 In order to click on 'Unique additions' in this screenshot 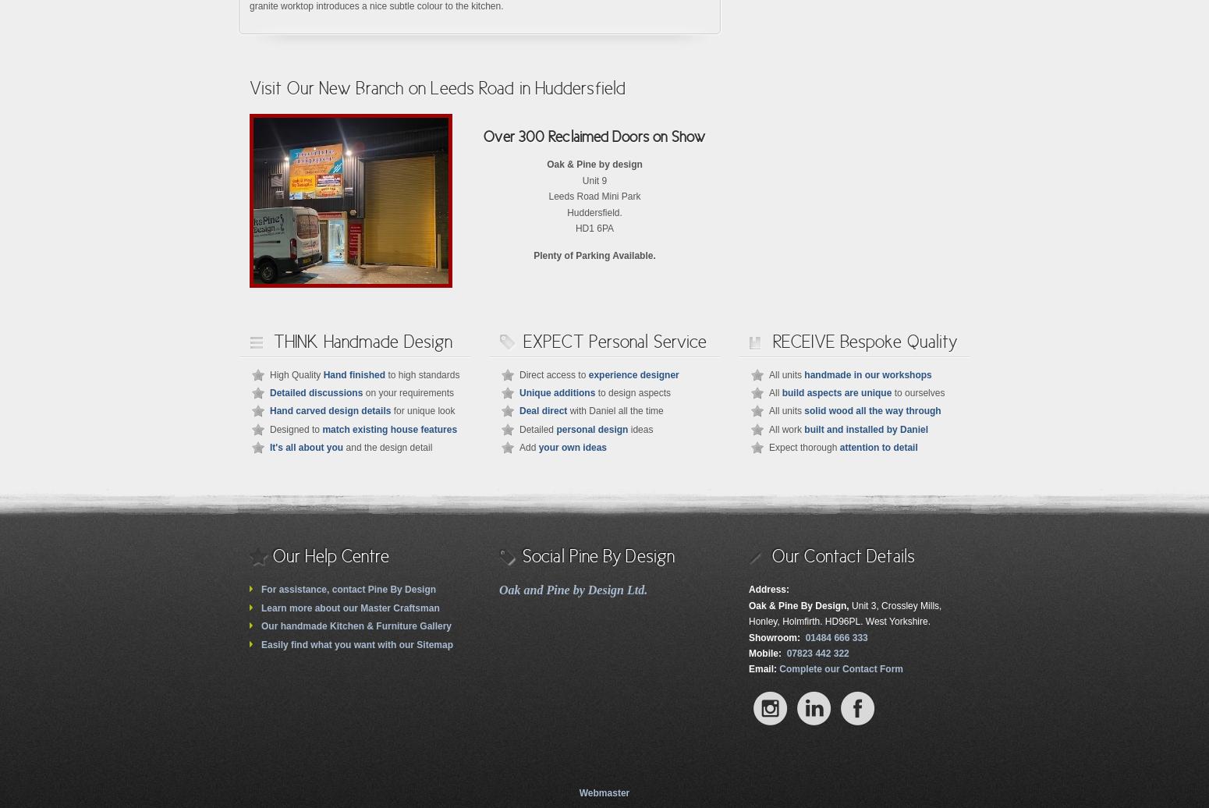, I will do `click(557, 392)`.